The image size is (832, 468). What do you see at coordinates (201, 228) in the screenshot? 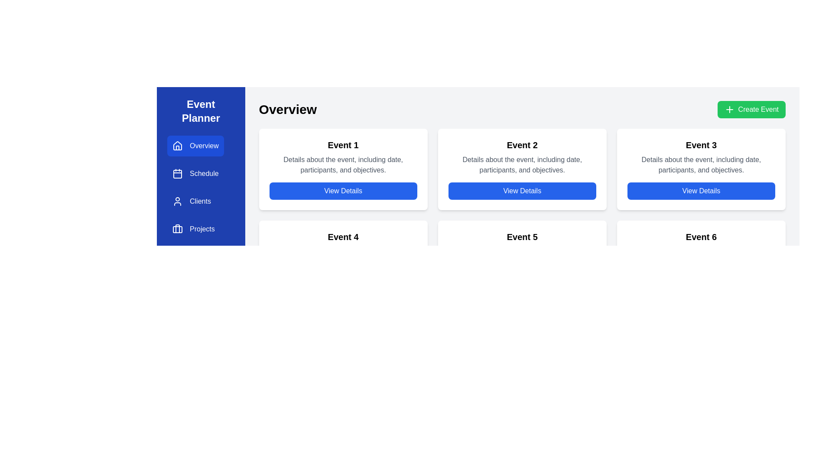
I see `the 'Projects' text label in the vertical navigation menu` at bounding box center [201, 228].